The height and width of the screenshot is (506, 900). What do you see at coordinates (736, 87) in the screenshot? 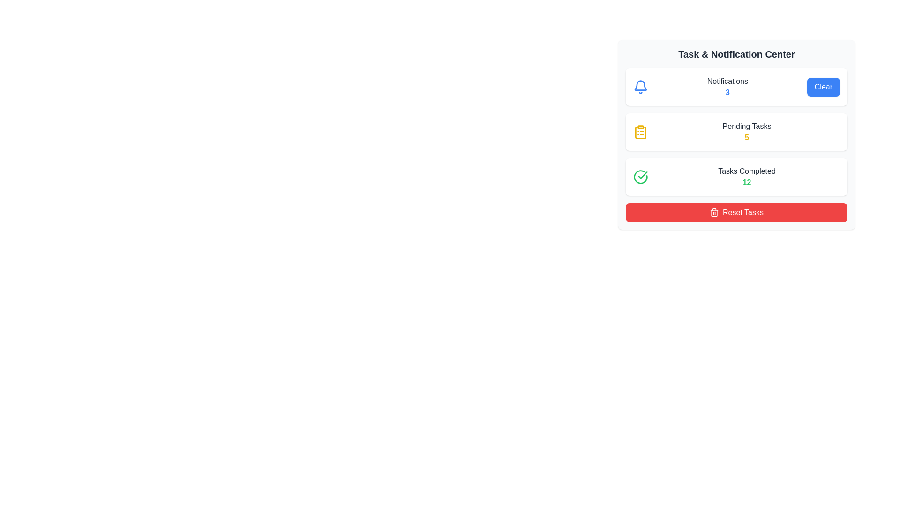
I see `the notification label in the notification panel, which displays the text 'Notifications' and the number '3'` at bounding box center [736, 87].